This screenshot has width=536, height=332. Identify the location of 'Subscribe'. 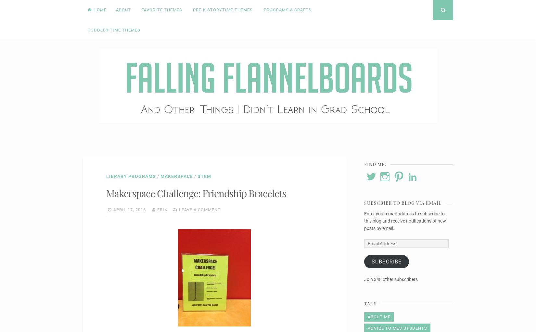
(386, 261).